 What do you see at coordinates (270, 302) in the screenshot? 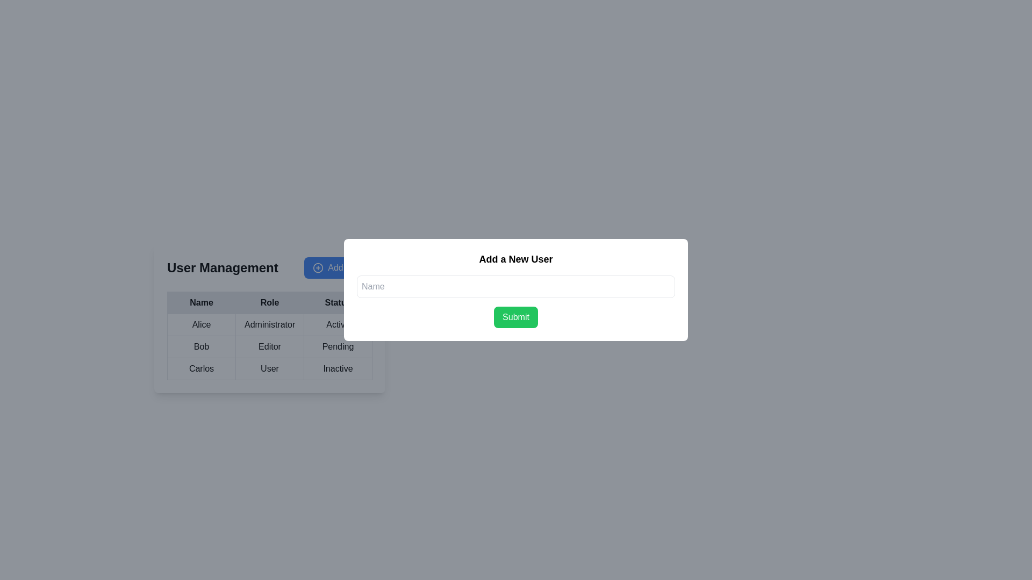
I see `the text label displaying 'Role' in the second column header of the table` at bounding box center [270, 302].